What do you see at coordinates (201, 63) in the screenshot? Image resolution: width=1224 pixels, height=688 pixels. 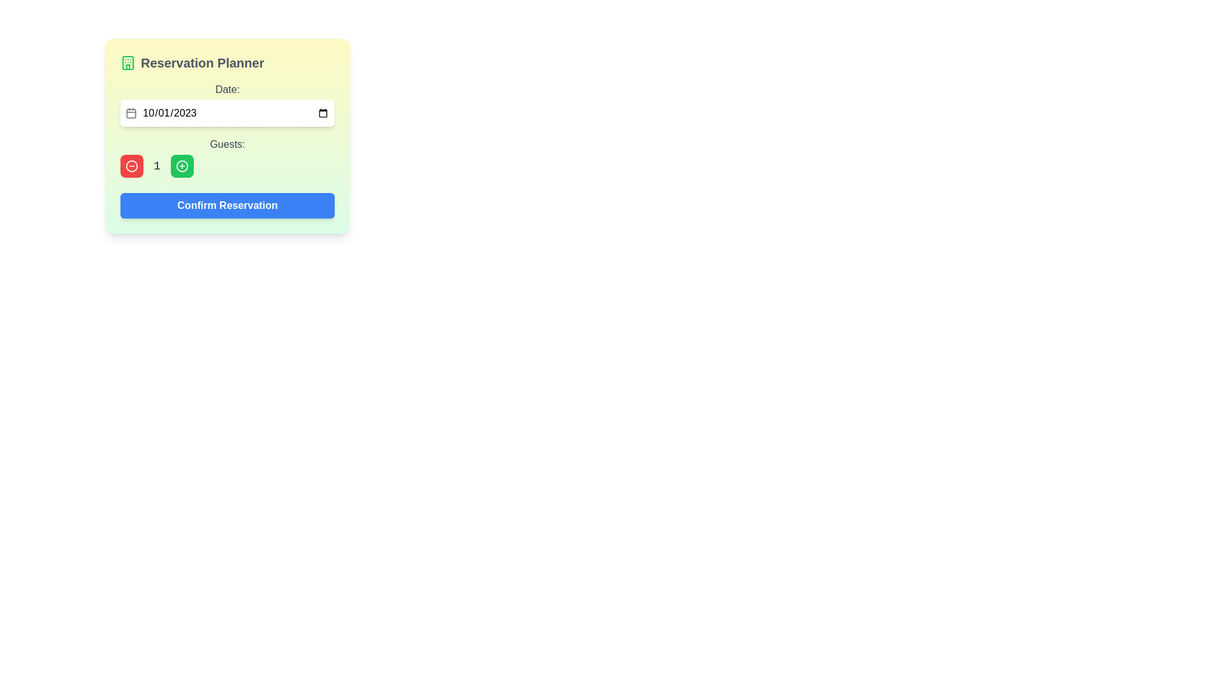 I see `'Reservation Planner' text label located at the top of the content block, positioned to the right of a small green hotel icon` at bounding box center [201, 63].